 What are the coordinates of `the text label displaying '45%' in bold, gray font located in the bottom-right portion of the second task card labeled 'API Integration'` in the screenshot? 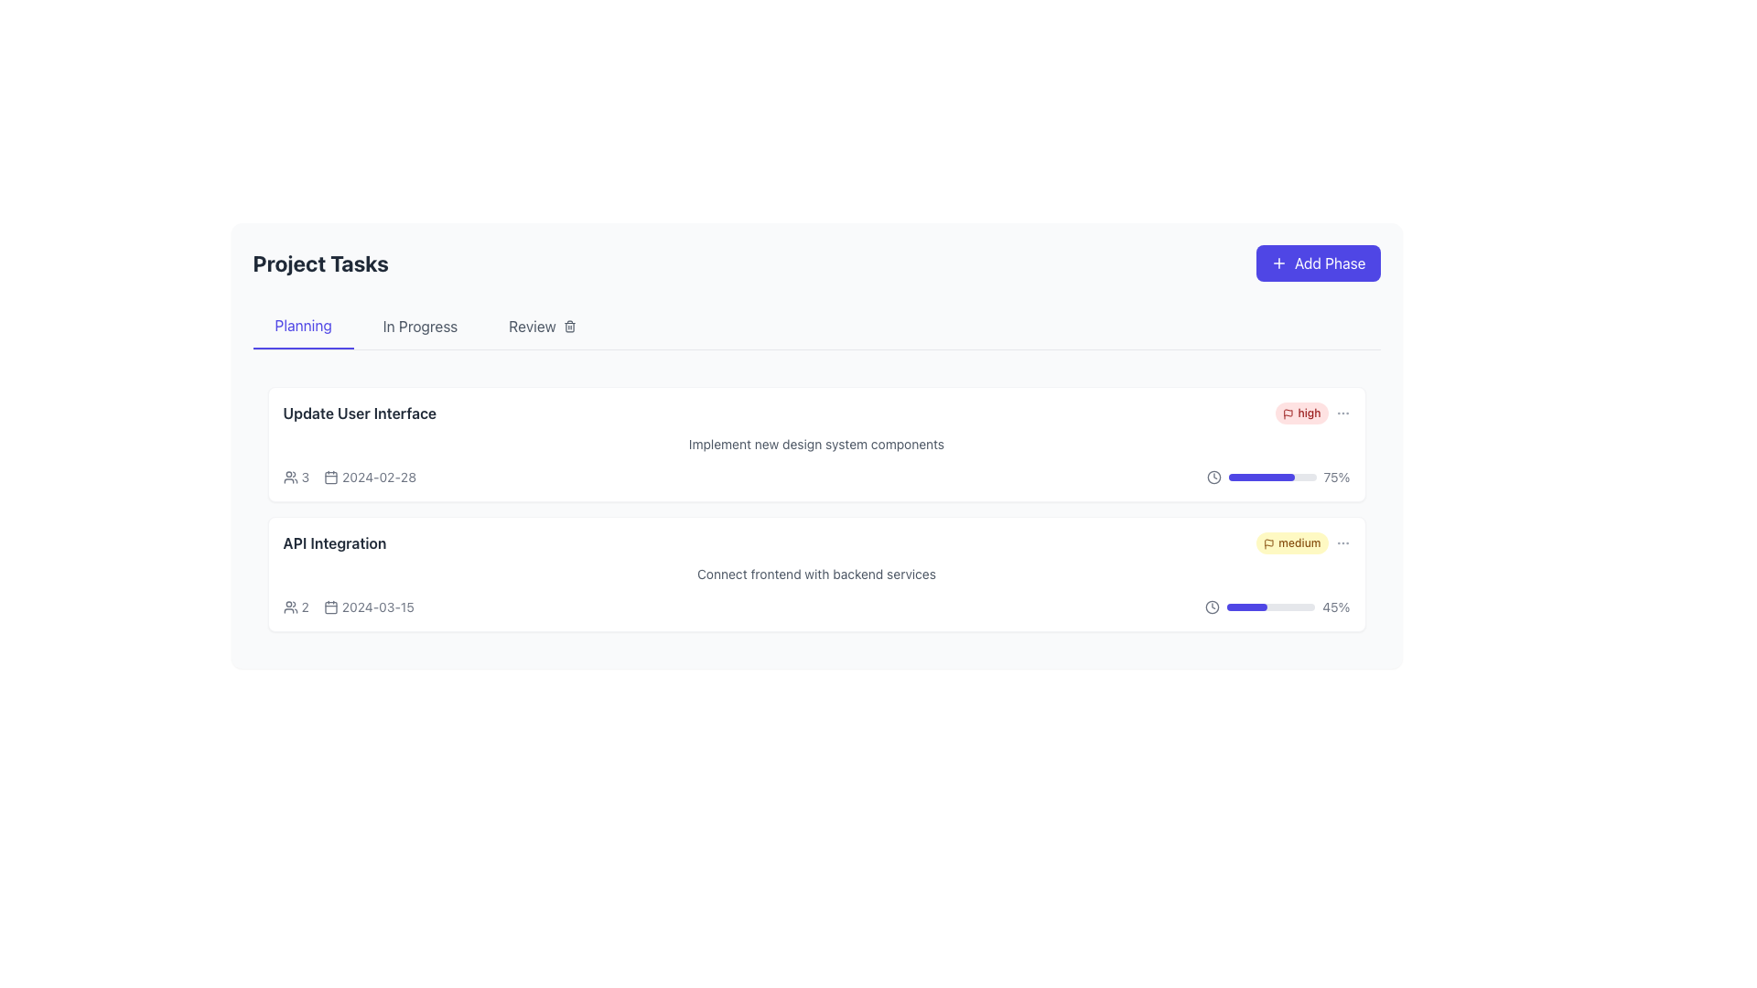 It's located at (1336, 607).